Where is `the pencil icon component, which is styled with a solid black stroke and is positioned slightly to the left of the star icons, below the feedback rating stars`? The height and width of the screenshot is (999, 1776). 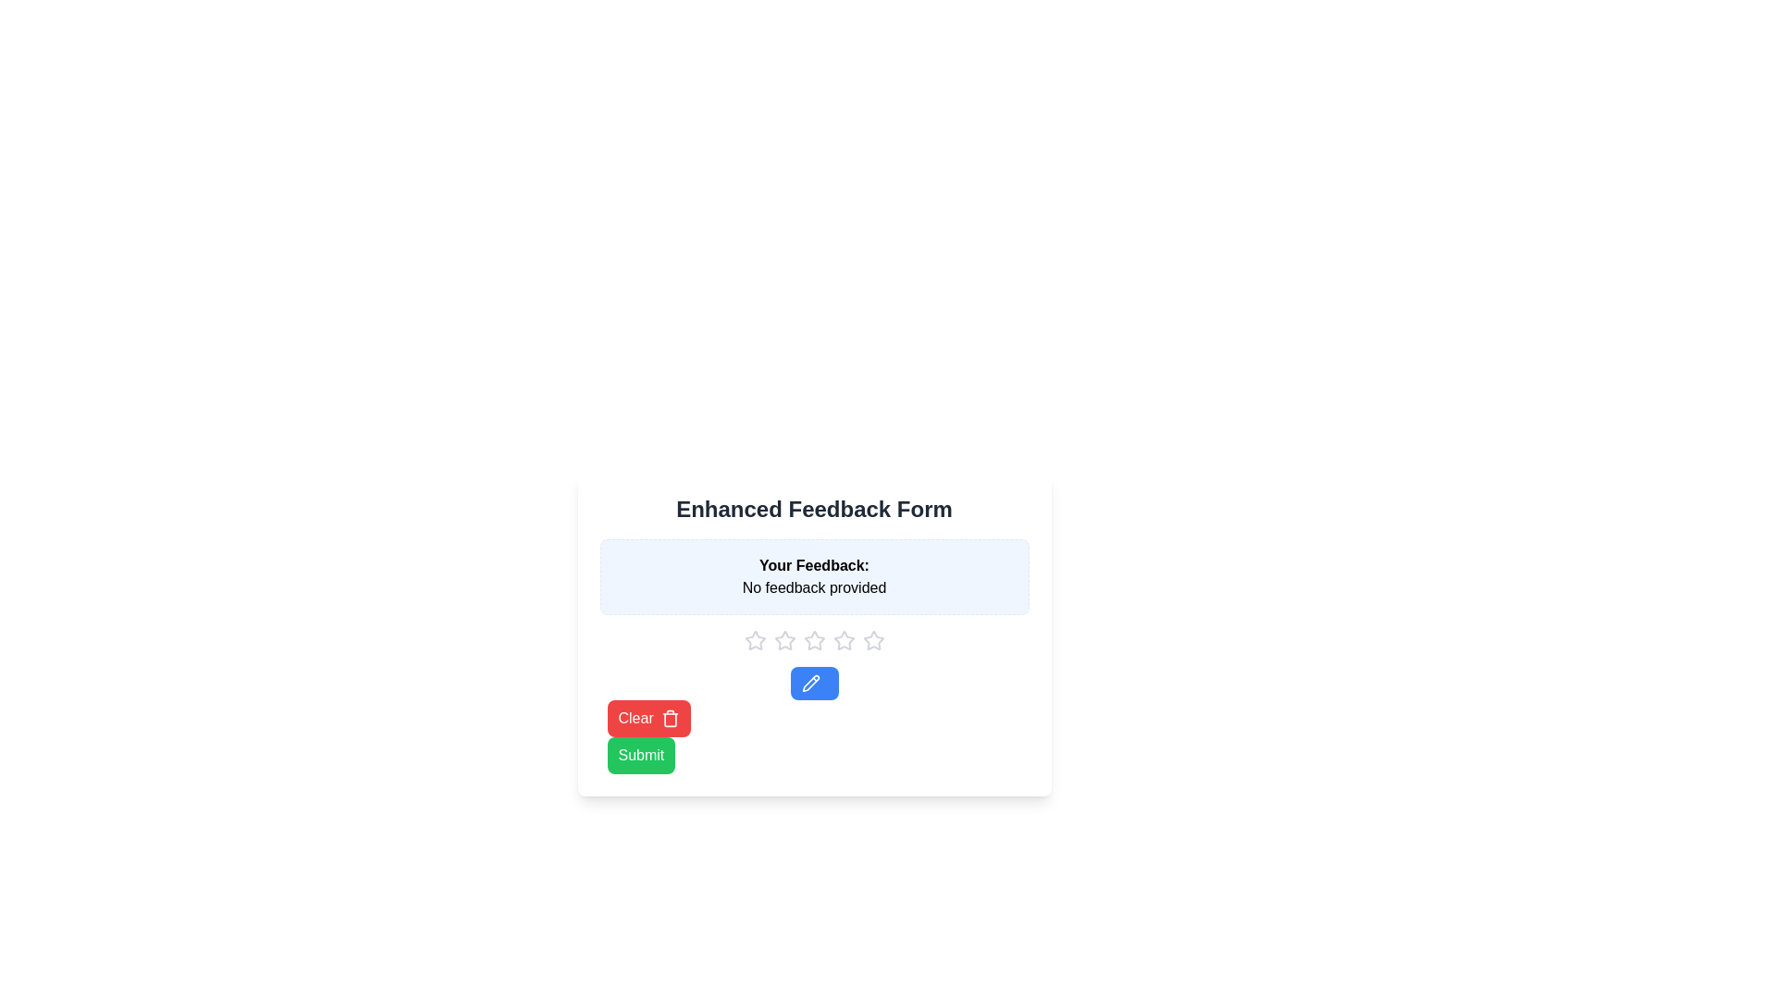
the pencil icon component, which is styled with a solid black stroke and is positioned slightly to the left of the star icons, below the feedback rating stars is located at coordinates (810, 684).